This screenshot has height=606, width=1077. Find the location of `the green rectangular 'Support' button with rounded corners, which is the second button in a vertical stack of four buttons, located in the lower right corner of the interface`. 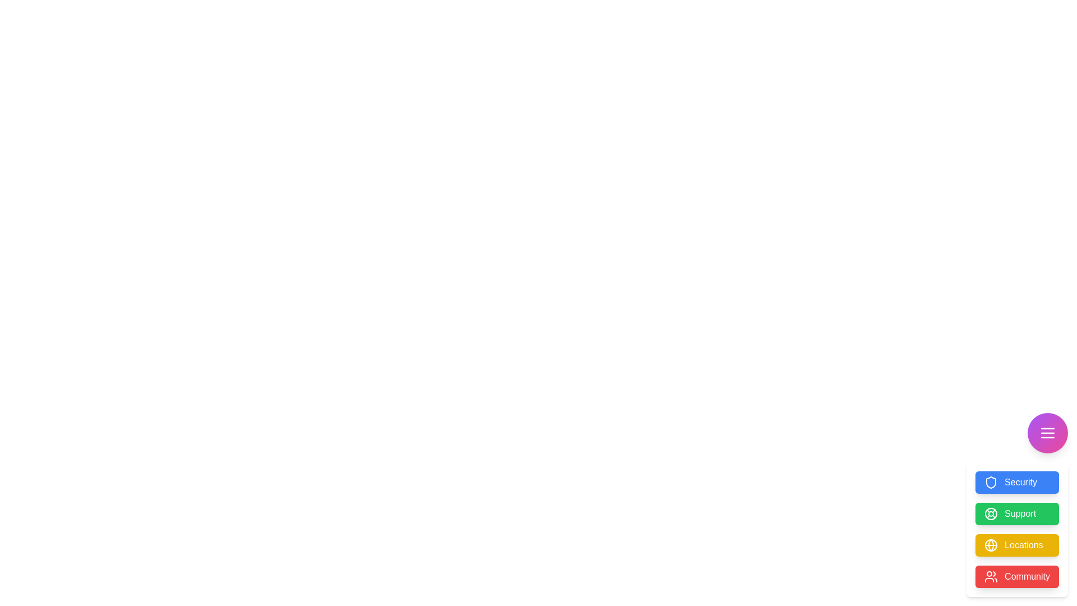

the green rectangular 'Support' button with rounded corners, which is the second button in a vertical stack of four buttons, located in the lower right corner of the interface is located at coordinates (1020, 513).